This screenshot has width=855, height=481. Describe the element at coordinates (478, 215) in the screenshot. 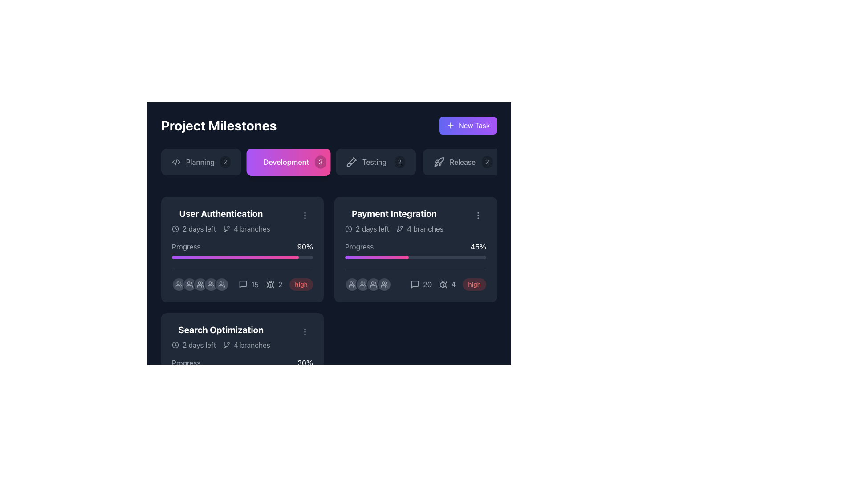

I see `the Ellipsis Menu icon located in the top-right corner of the 'Payment Integration' card` at that location.